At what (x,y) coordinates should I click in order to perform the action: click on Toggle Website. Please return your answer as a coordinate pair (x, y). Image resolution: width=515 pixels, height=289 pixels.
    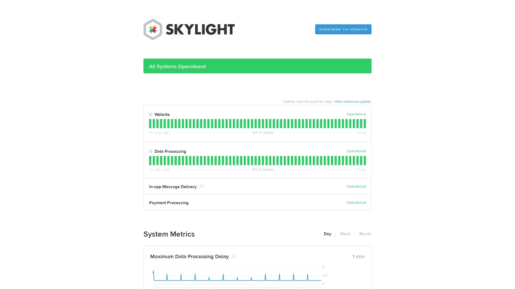
    Looking at the image, I should click on (150, 114).